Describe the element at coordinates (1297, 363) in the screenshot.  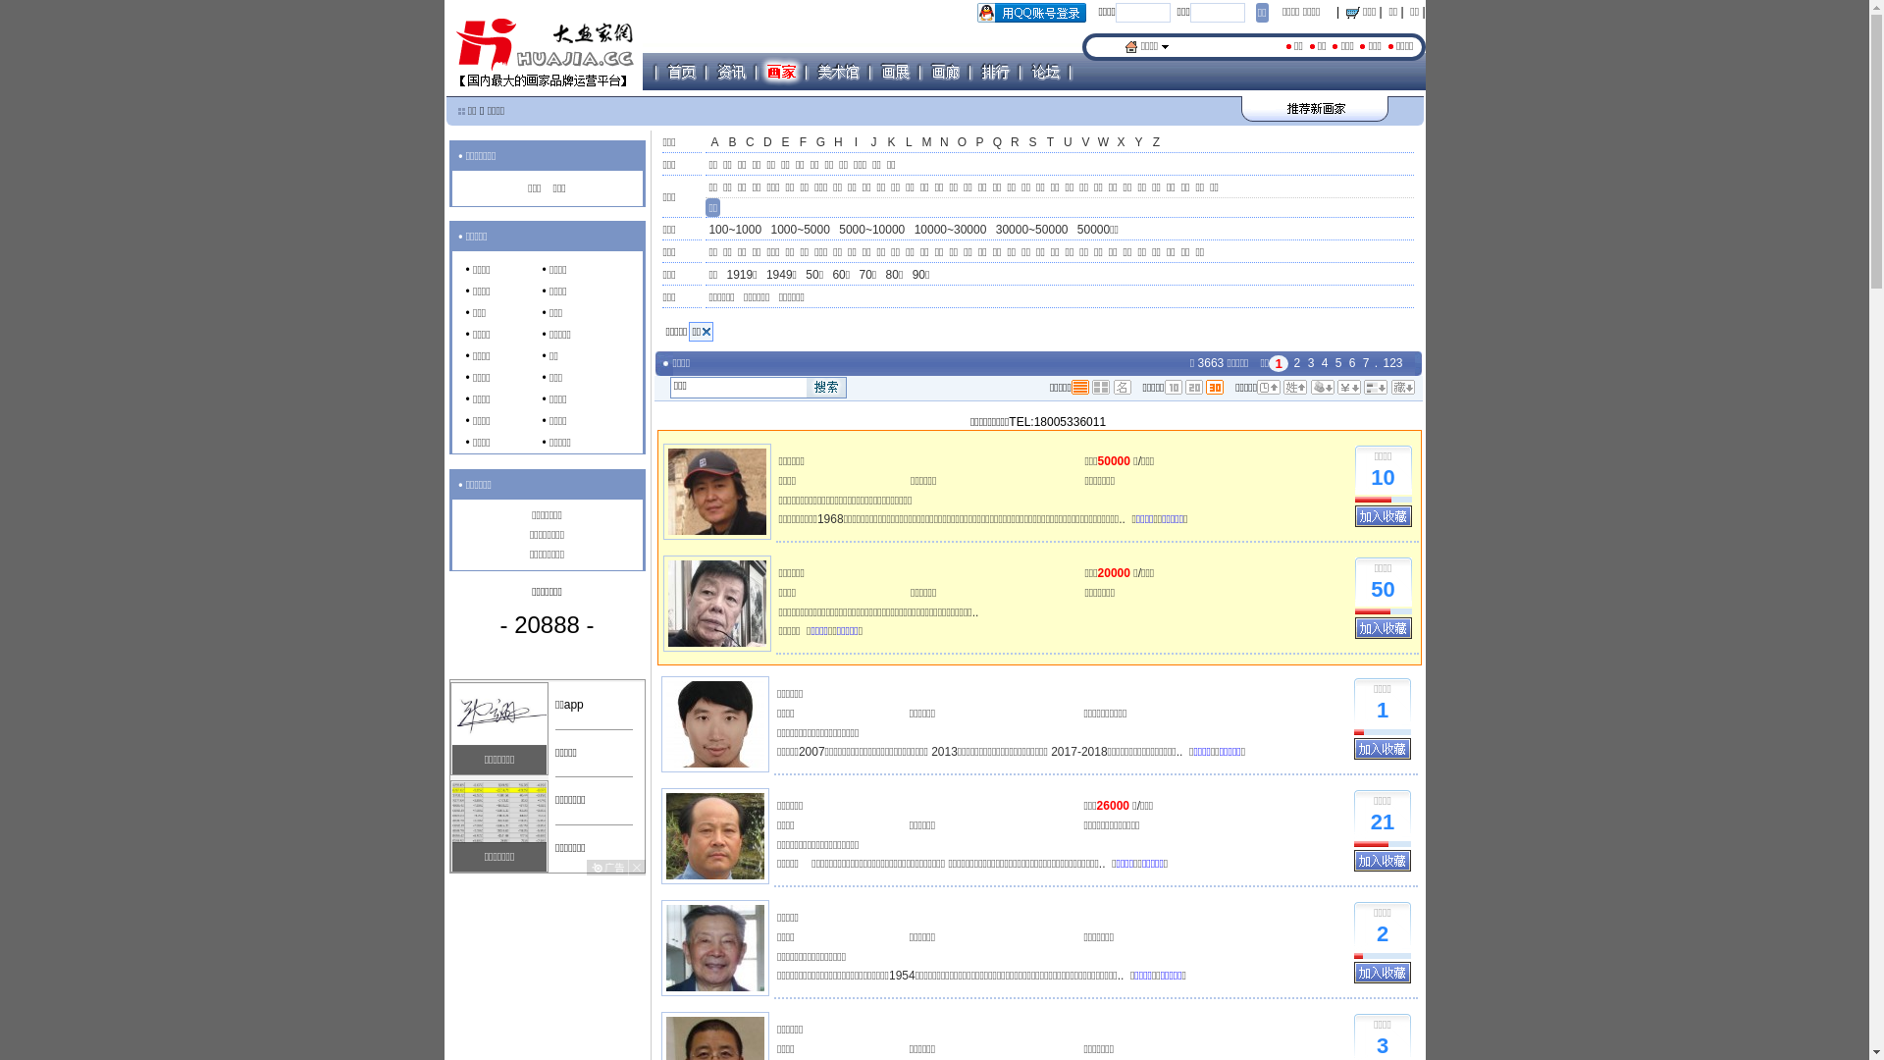
I see `'2'` at that location.